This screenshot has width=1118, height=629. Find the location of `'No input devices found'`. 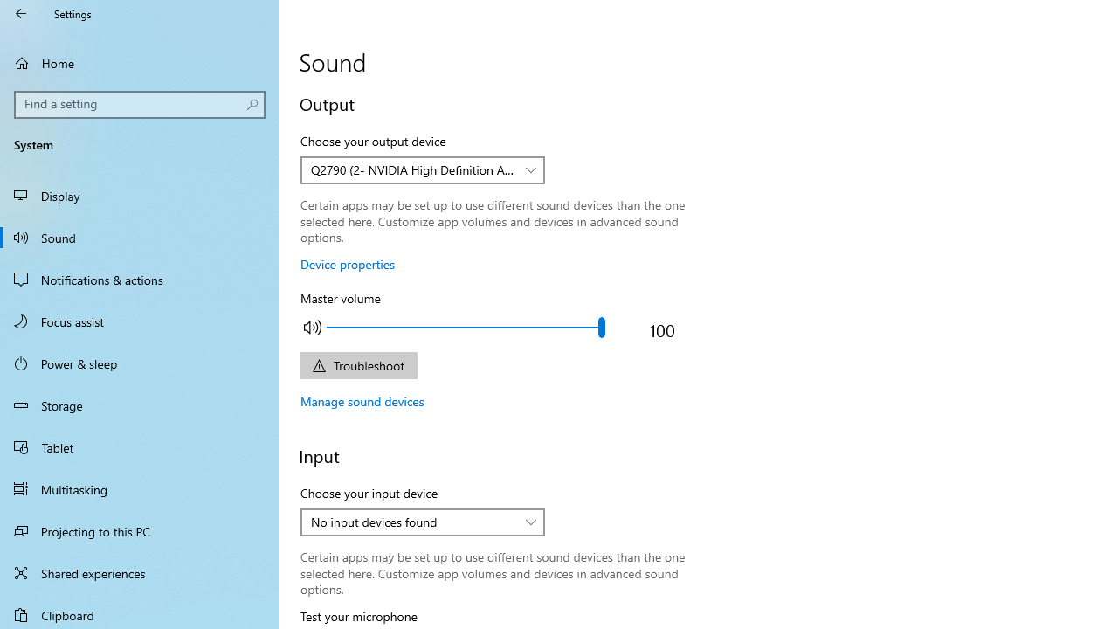

'No input devices found' is located at coordinates (412, 521).